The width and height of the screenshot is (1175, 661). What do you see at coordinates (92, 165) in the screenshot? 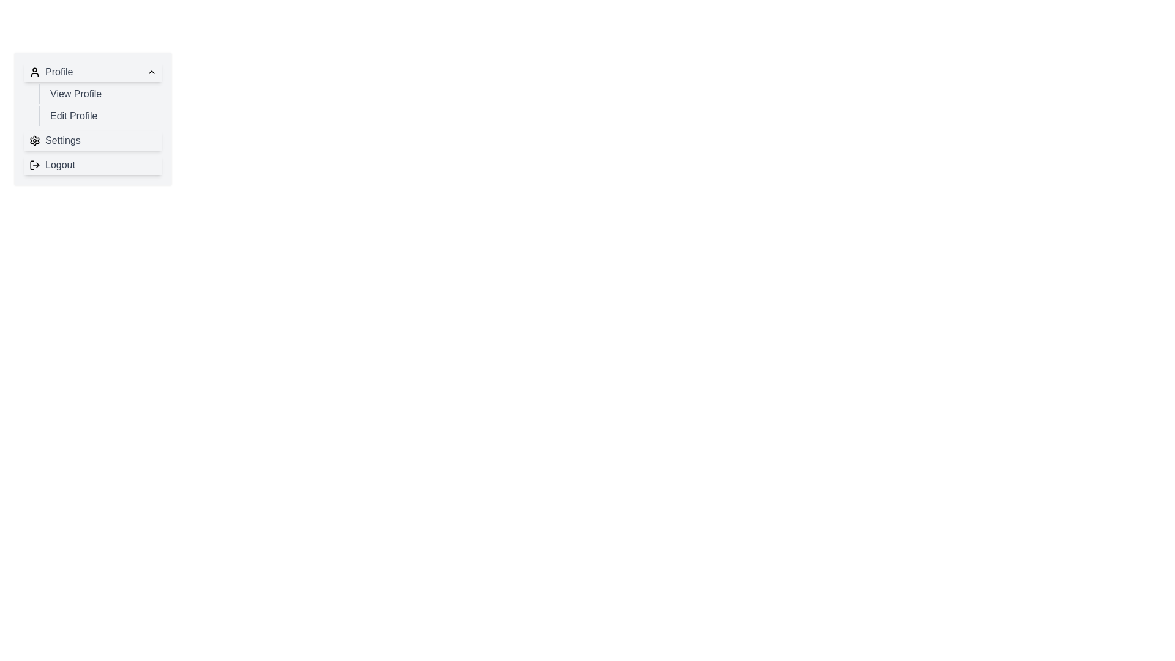
I see `the logout button located at the bottom of the vertical menu, directly below the 'Settings' option, to log out of the application` at bounding box center [92, 165].